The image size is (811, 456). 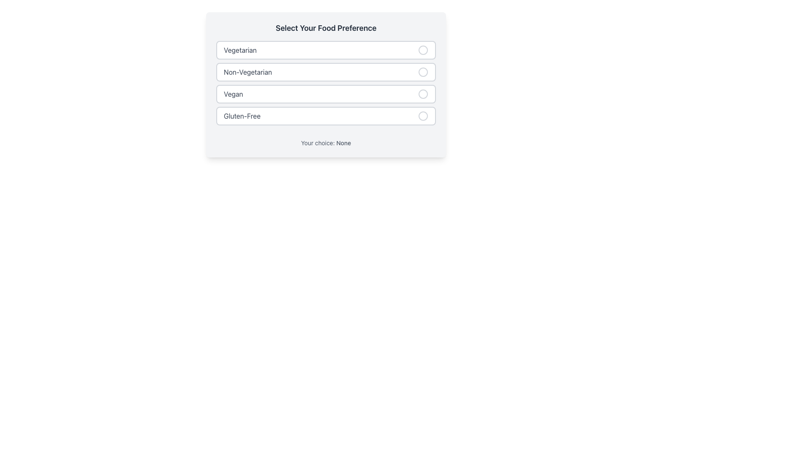 I want to click on the 'Vegetarian' text label, which is styled in gray and is the first selectable option in a vertical list of food preferences, so click(x=239, y=50).